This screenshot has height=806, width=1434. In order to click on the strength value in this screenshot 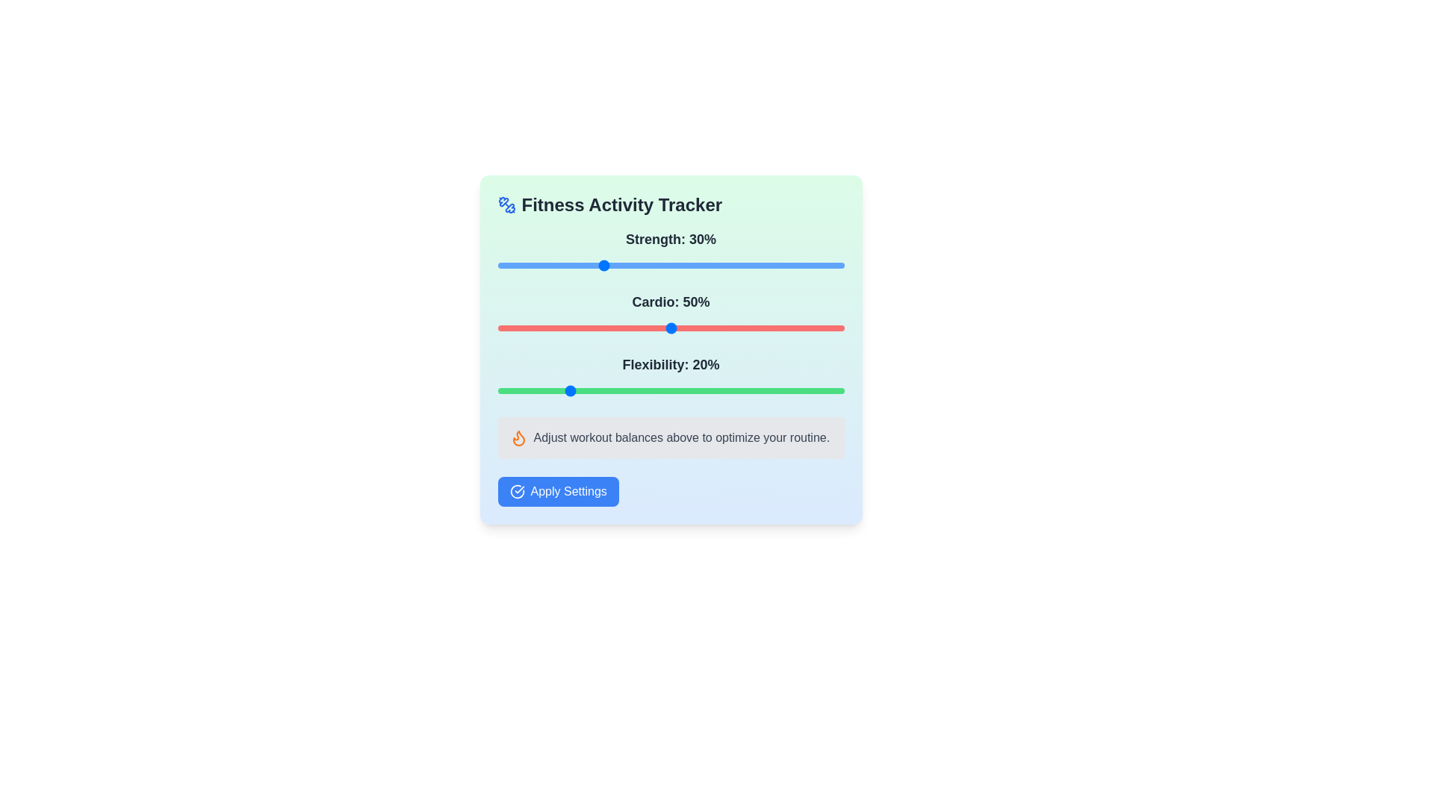, I will do `click(657, 264)`.